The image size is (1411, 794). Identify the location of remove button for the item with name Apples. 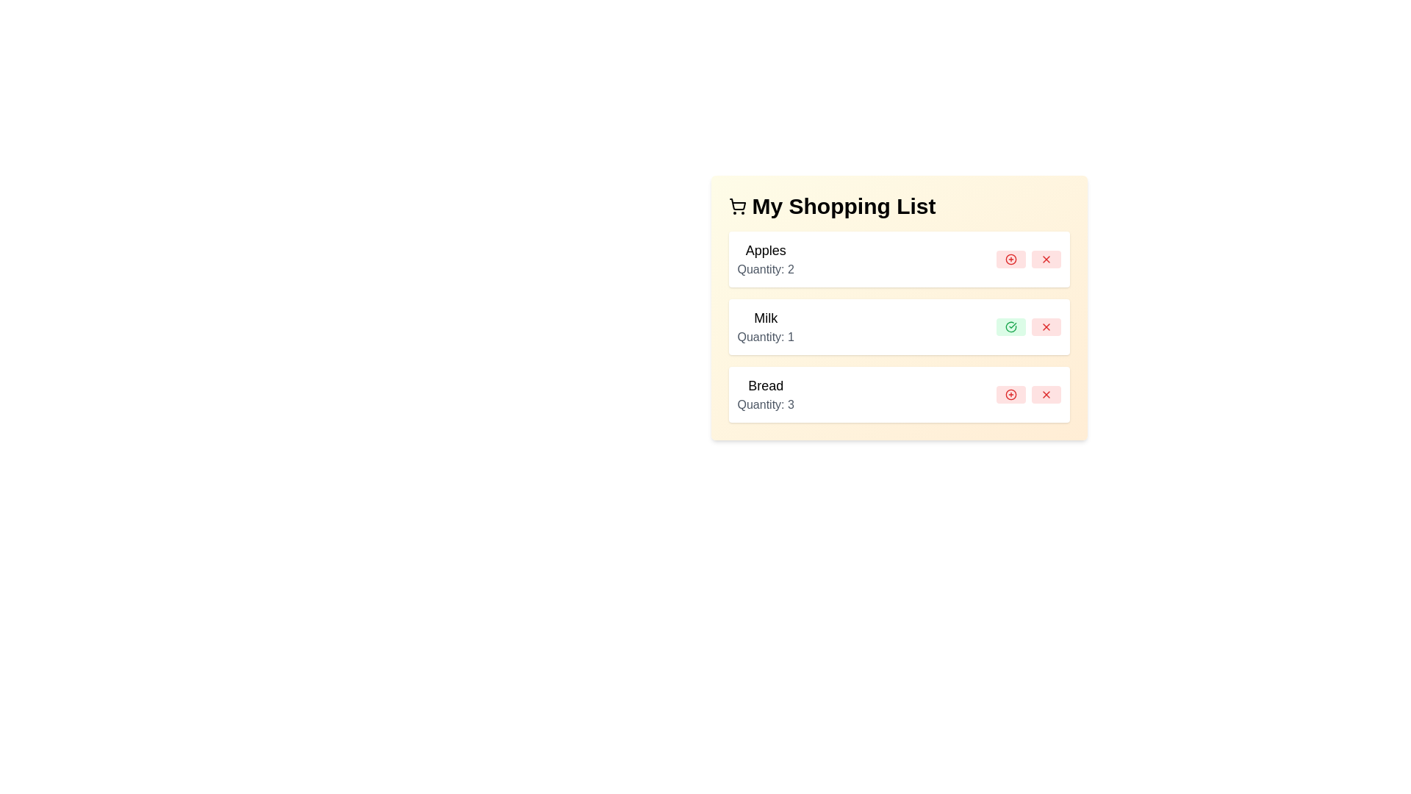
(1045, 259).